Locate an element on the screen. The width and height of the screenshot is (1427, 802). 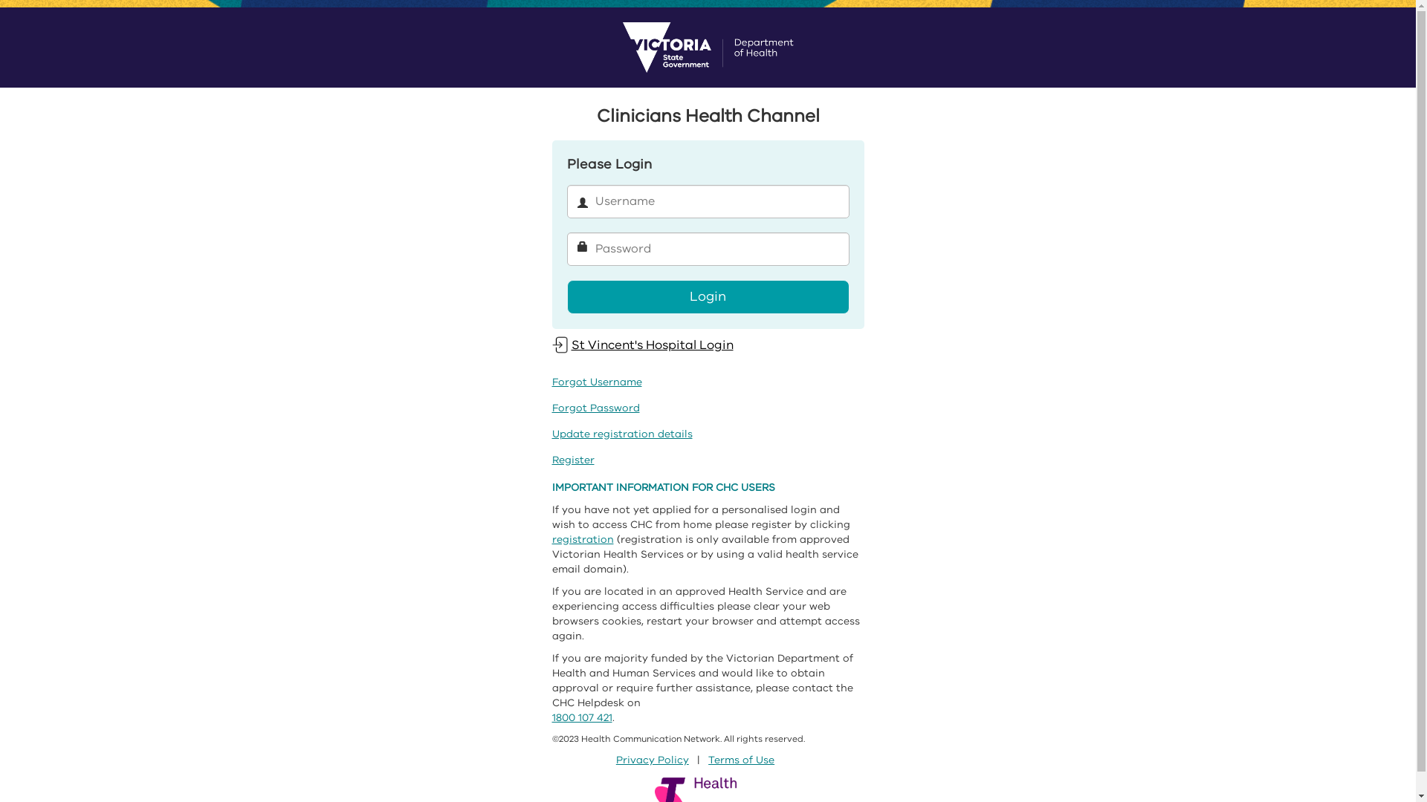
'registration' is located at coordinates (551, 539).